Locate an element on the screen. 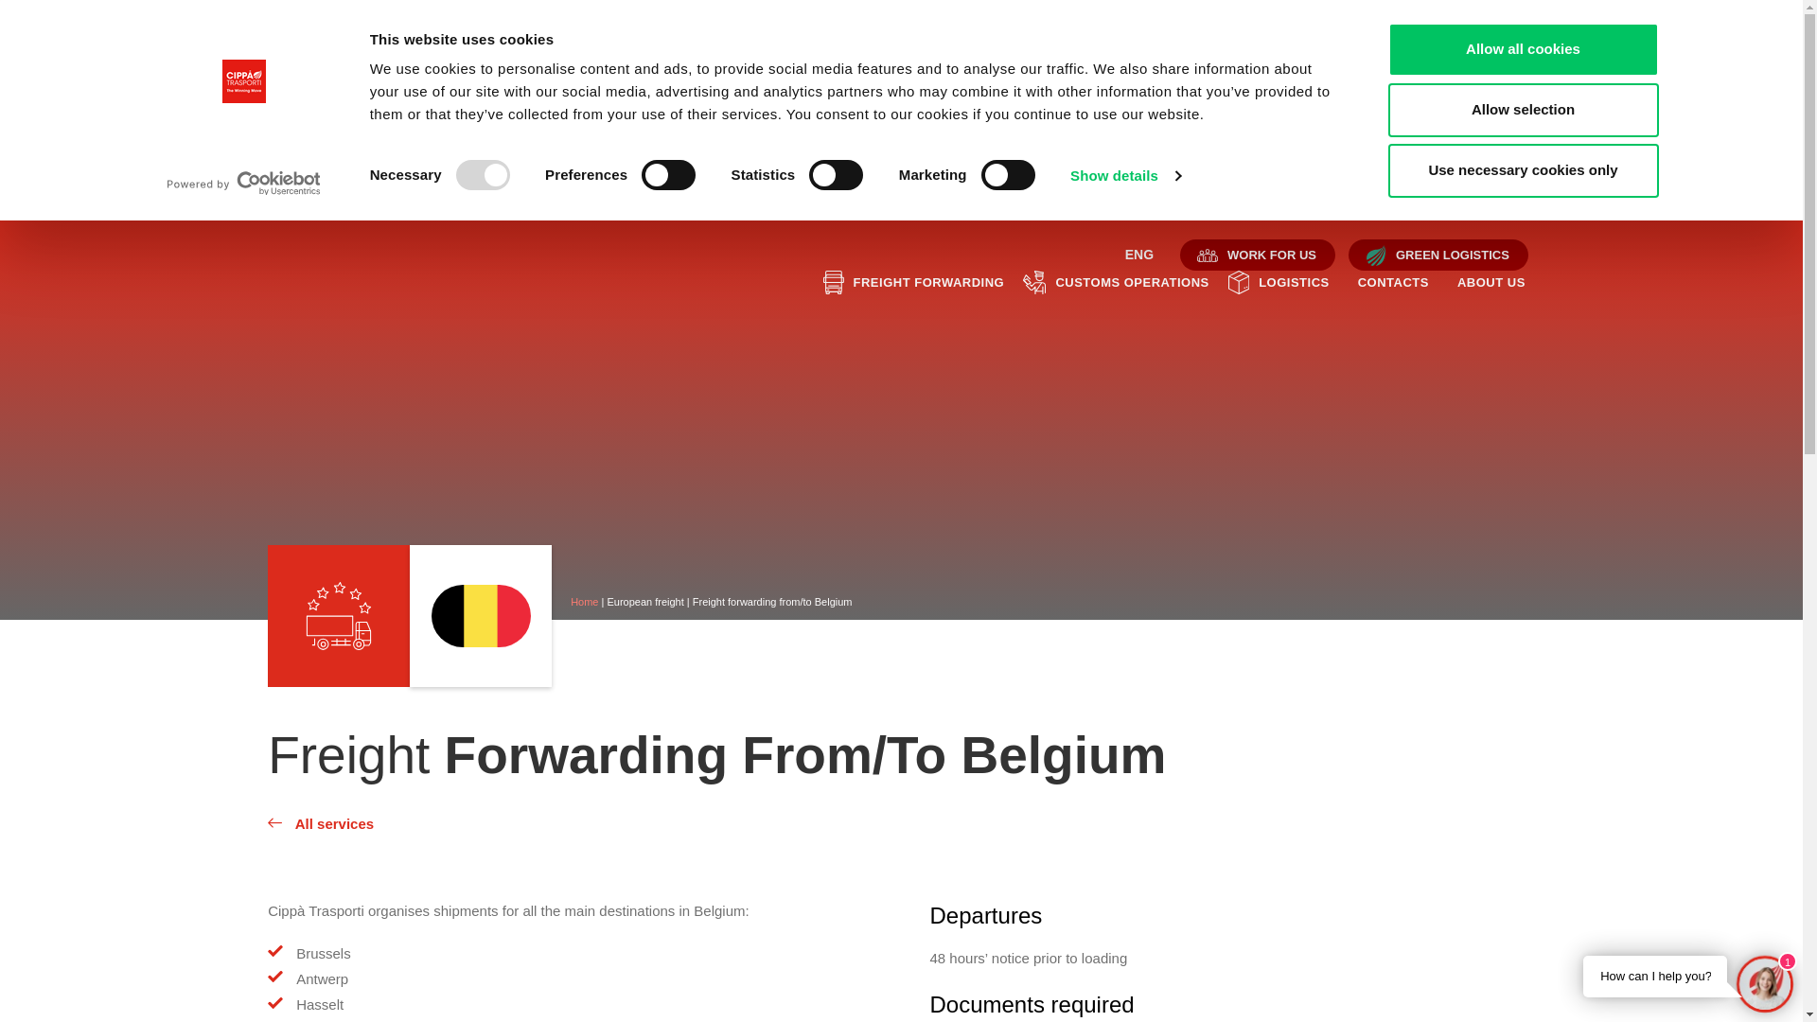 Image resolution: width=1817 pixels, height=1022 pixels. 'CUSTOMS OPERATIONS' is located at coordinates (1131, 283).